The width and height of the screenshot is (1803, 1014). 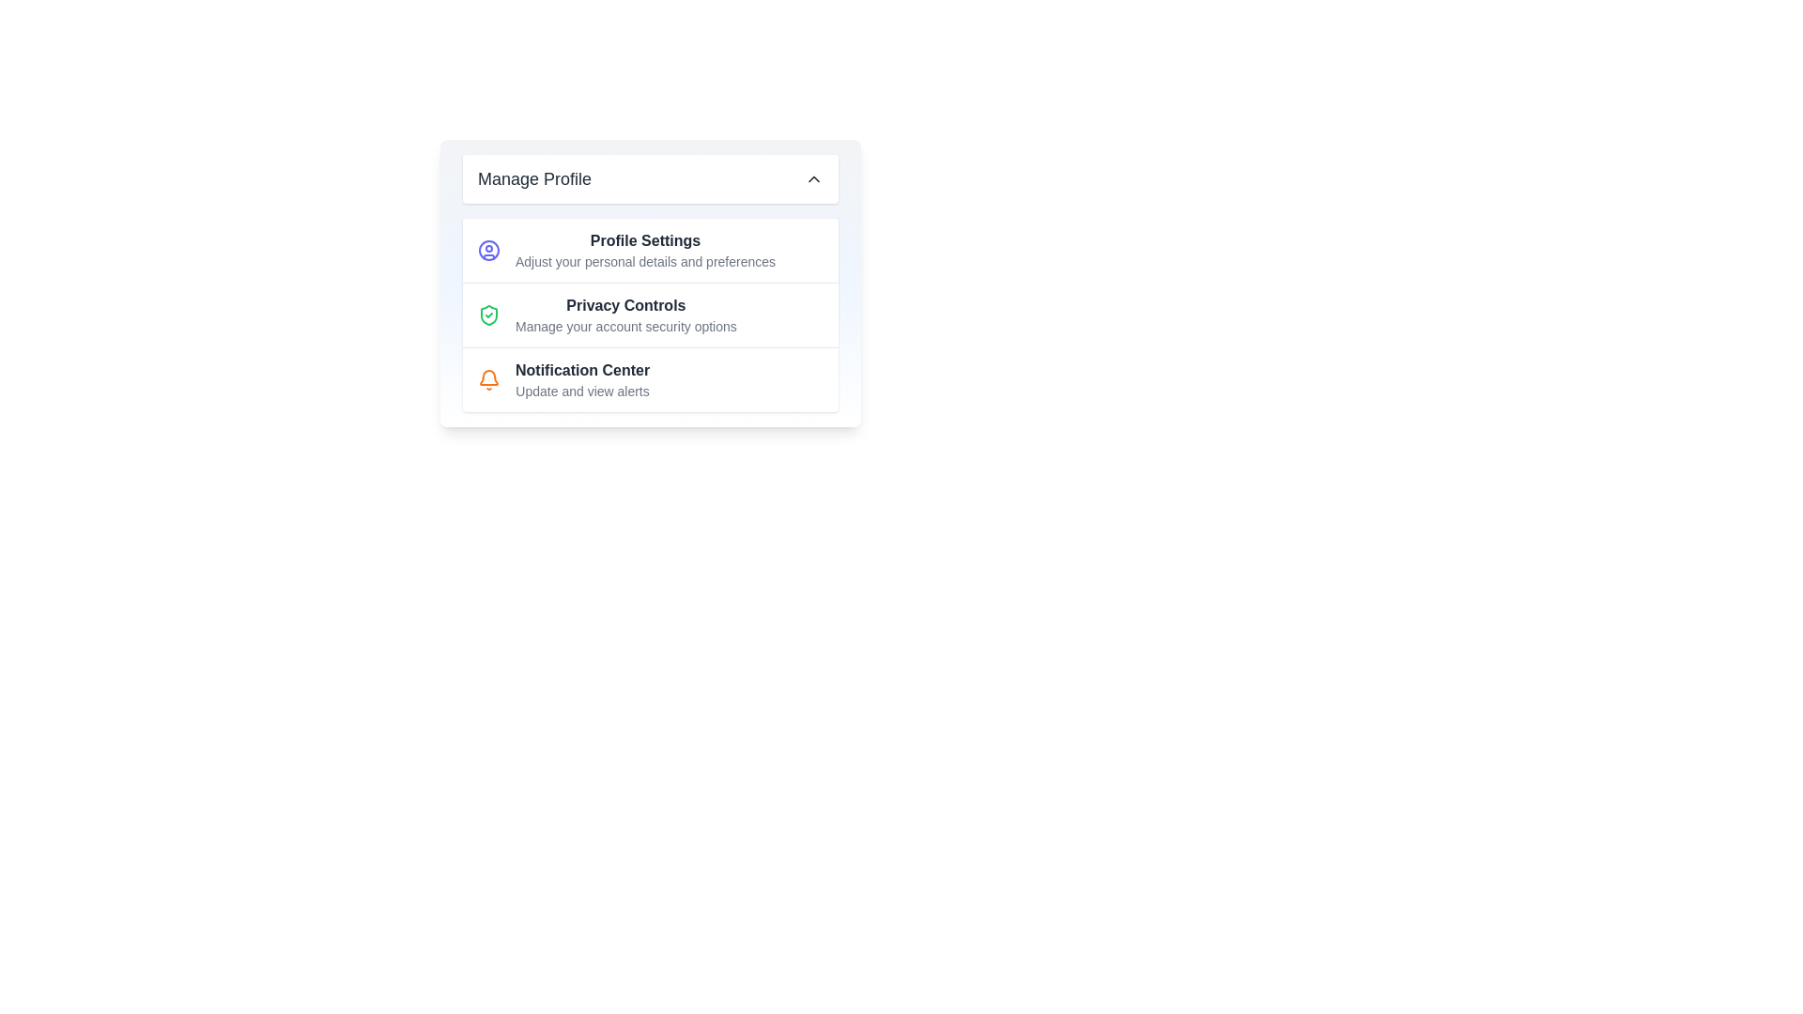 I want to click on the inline text label reading 'Update and view alerts', which is styled in muted gray and positioned beneath the title 'Notification Center', so click(x=581, y=390).